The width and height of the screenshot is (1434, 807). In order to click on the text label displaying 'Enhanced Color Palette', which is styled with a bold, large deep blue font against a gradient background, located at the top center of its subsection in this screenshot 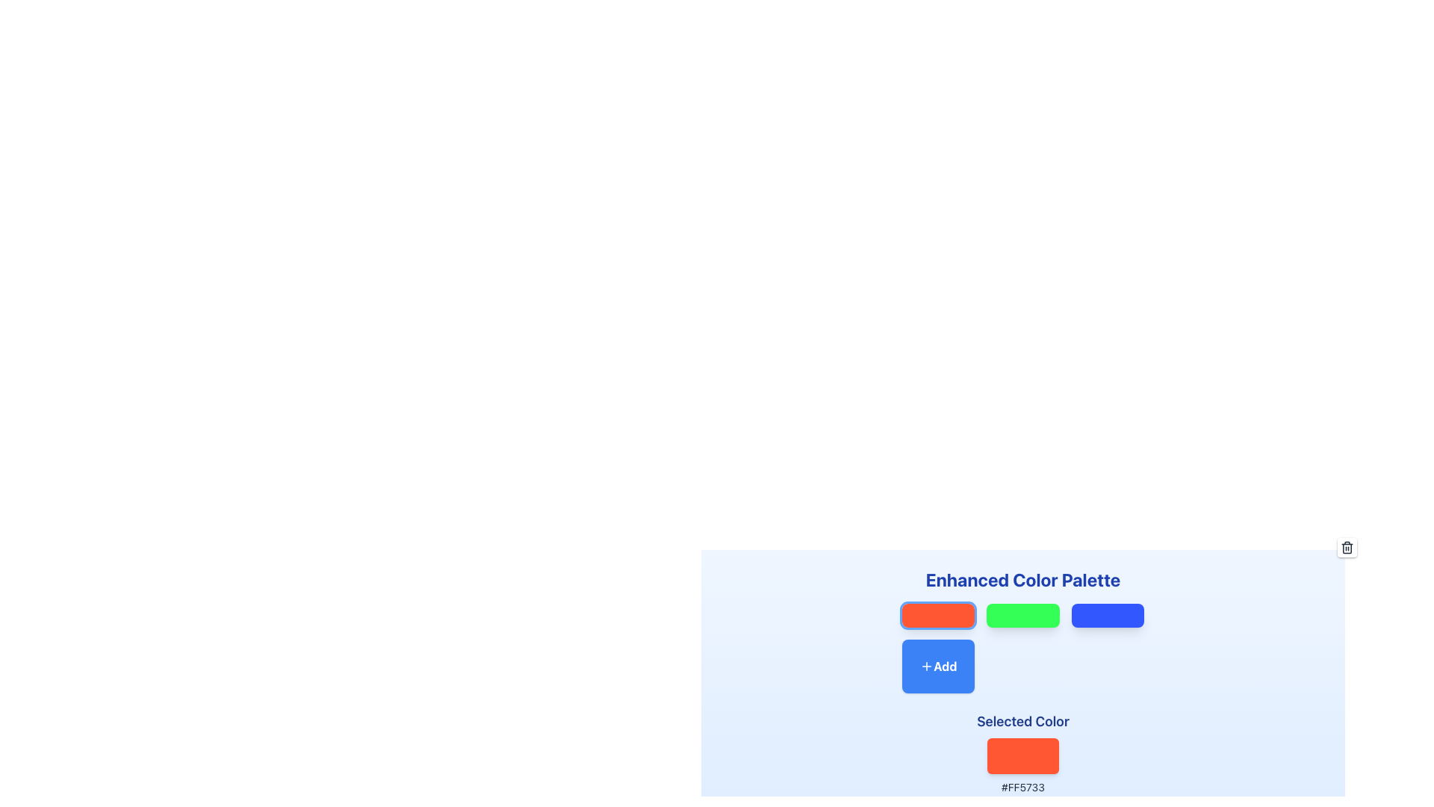, I will do `click(1022, 578)`.